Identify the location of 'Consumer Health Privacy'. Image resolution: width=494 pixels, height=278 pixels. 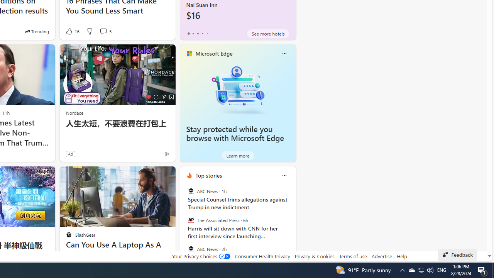
(262, 256).